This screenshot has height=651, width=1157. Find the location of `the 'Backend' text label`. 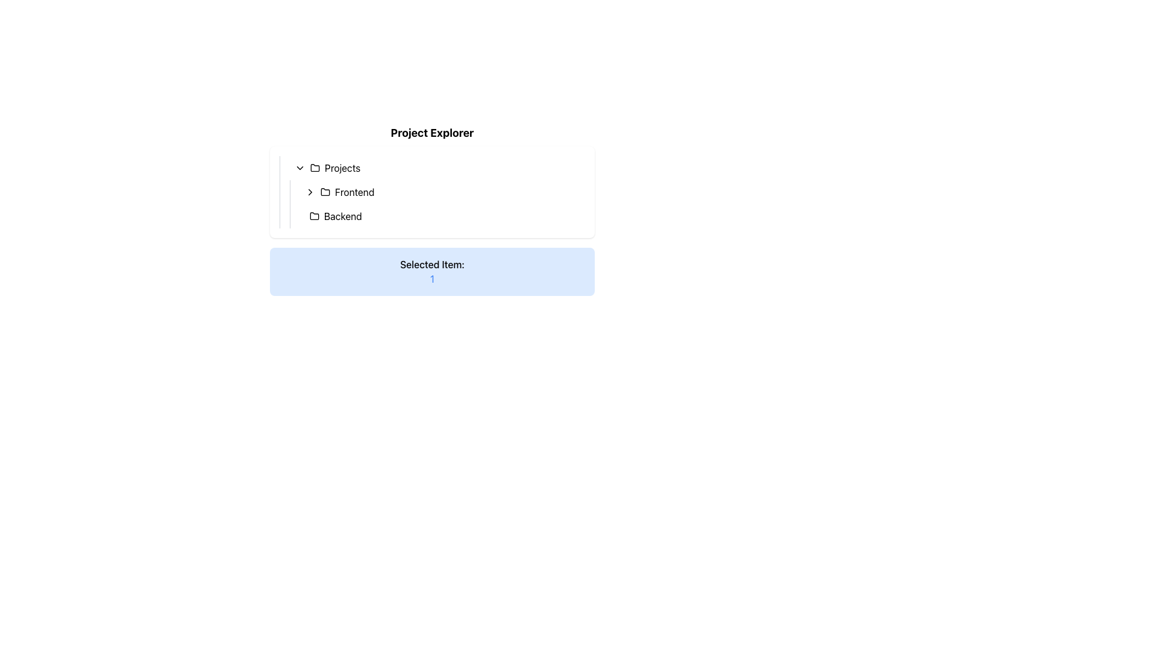

the 'Backend' text label is located at coordinates (342, 215).